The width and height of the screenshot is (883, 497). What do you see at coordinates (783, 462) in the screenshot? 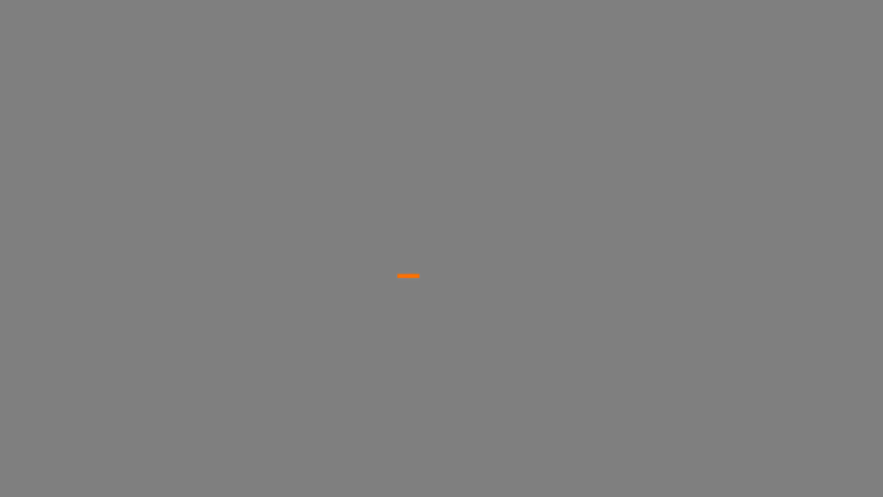
I see `SIGN UP FOR OUR NEWSLETTER` at bounding box center [783, 462].